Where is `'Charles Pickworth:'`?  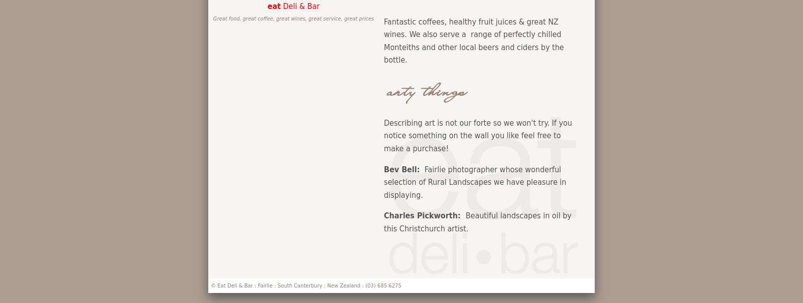 'Charles Pickworth:' is located at coordinates (424, 215).